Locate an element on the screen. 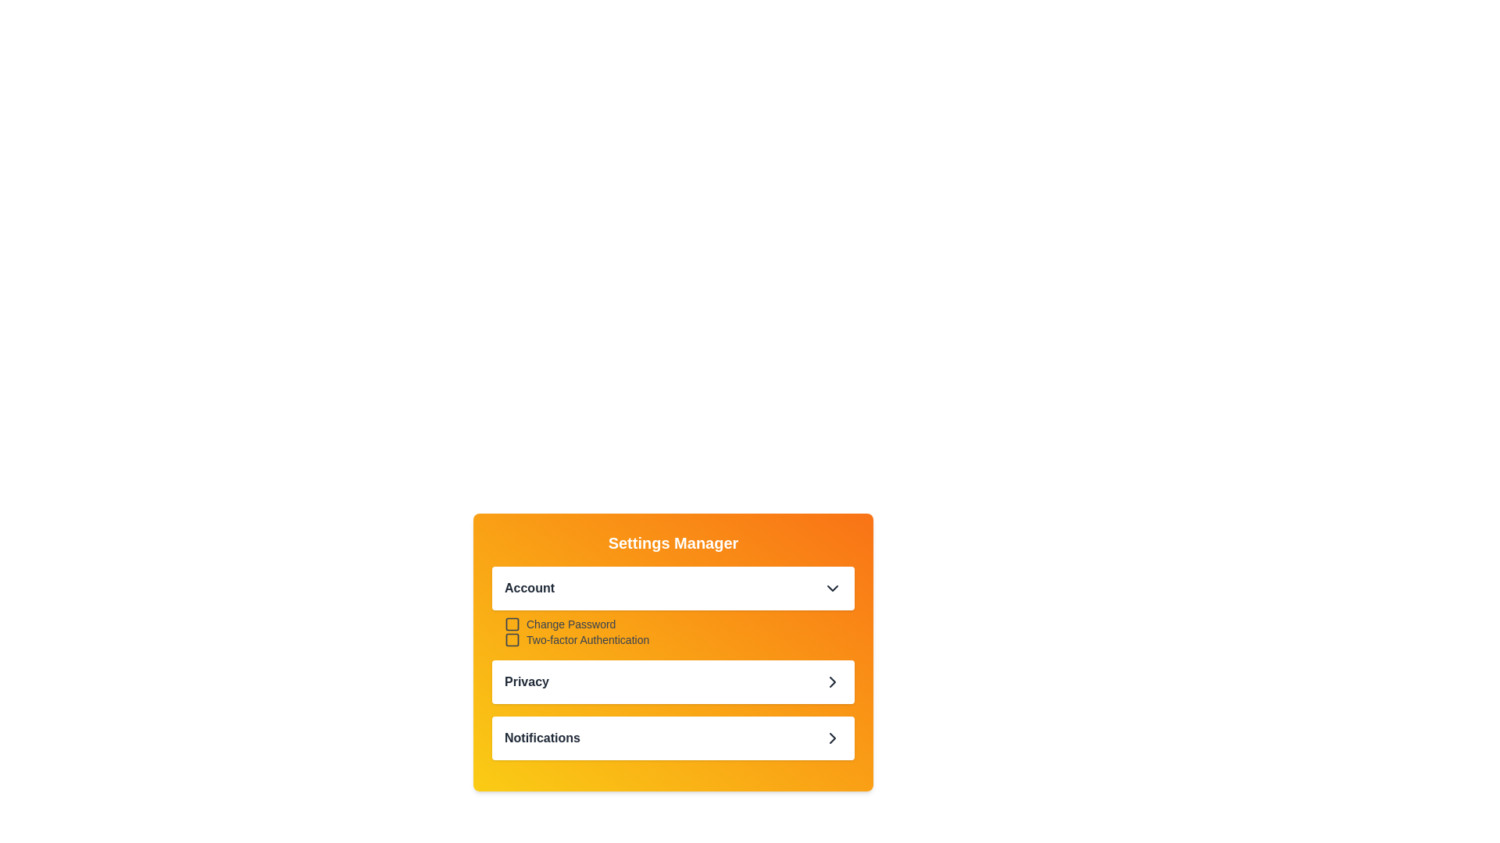 The width and height of the screenshot is (1500, 843). the decorative or status icon displayed next to the 'Change Password' label in the 'Settings Manager' section under the 'Account' dropdown menu is located at coordinates (512, 623).